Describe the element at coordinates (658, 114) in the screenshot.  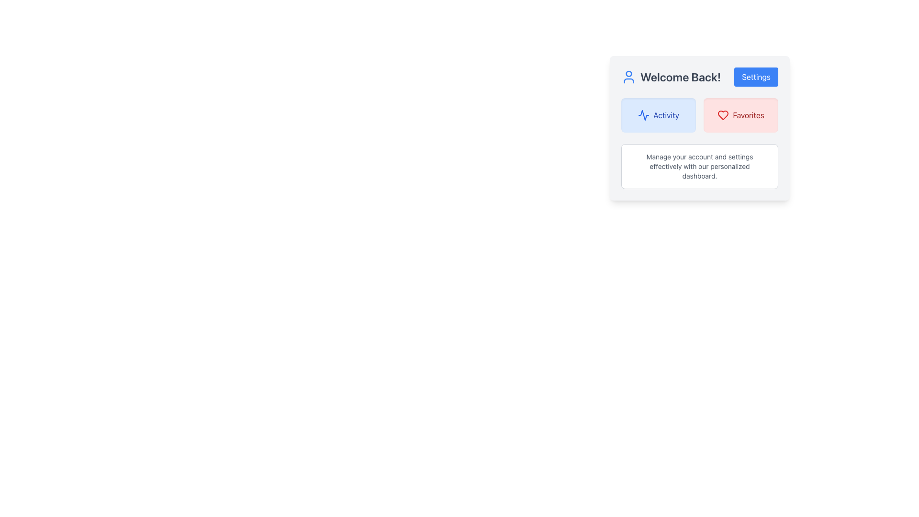
I see `the first button in the horizontal group located in the top-left area of the card-like widget under the 'Welcome Back!' heading` at that location.